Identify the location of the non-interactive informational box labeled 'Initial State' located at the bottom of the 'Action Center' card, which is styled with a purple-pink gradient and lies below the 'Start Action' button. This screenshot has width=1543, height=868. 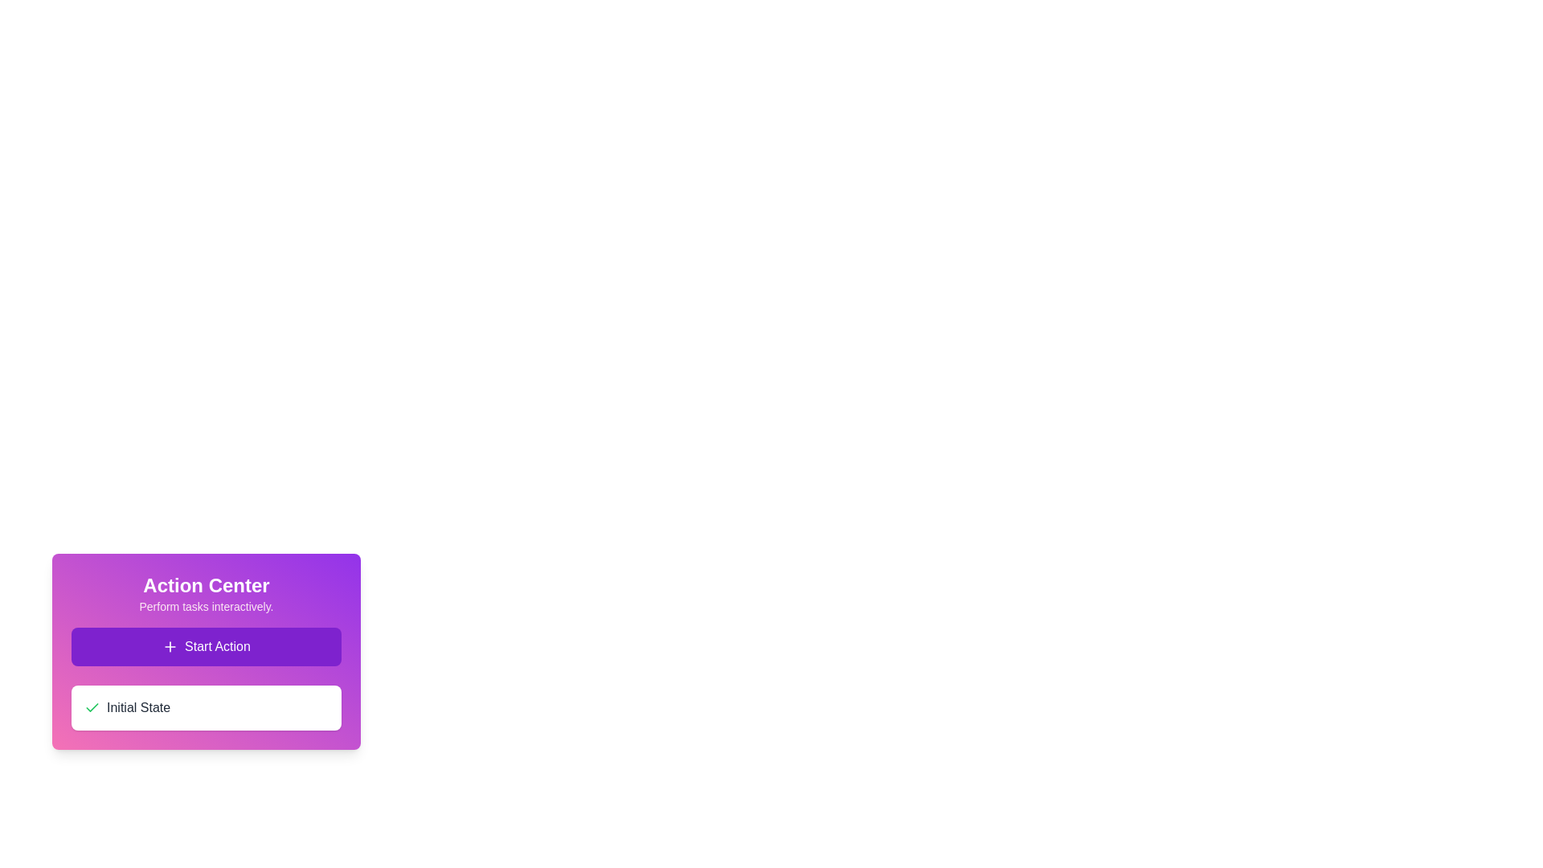
(206, 706).